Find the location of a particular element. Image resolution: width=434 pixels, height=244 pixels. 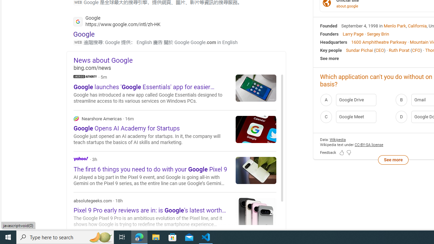

'California' is located at coordinates (417, 25).